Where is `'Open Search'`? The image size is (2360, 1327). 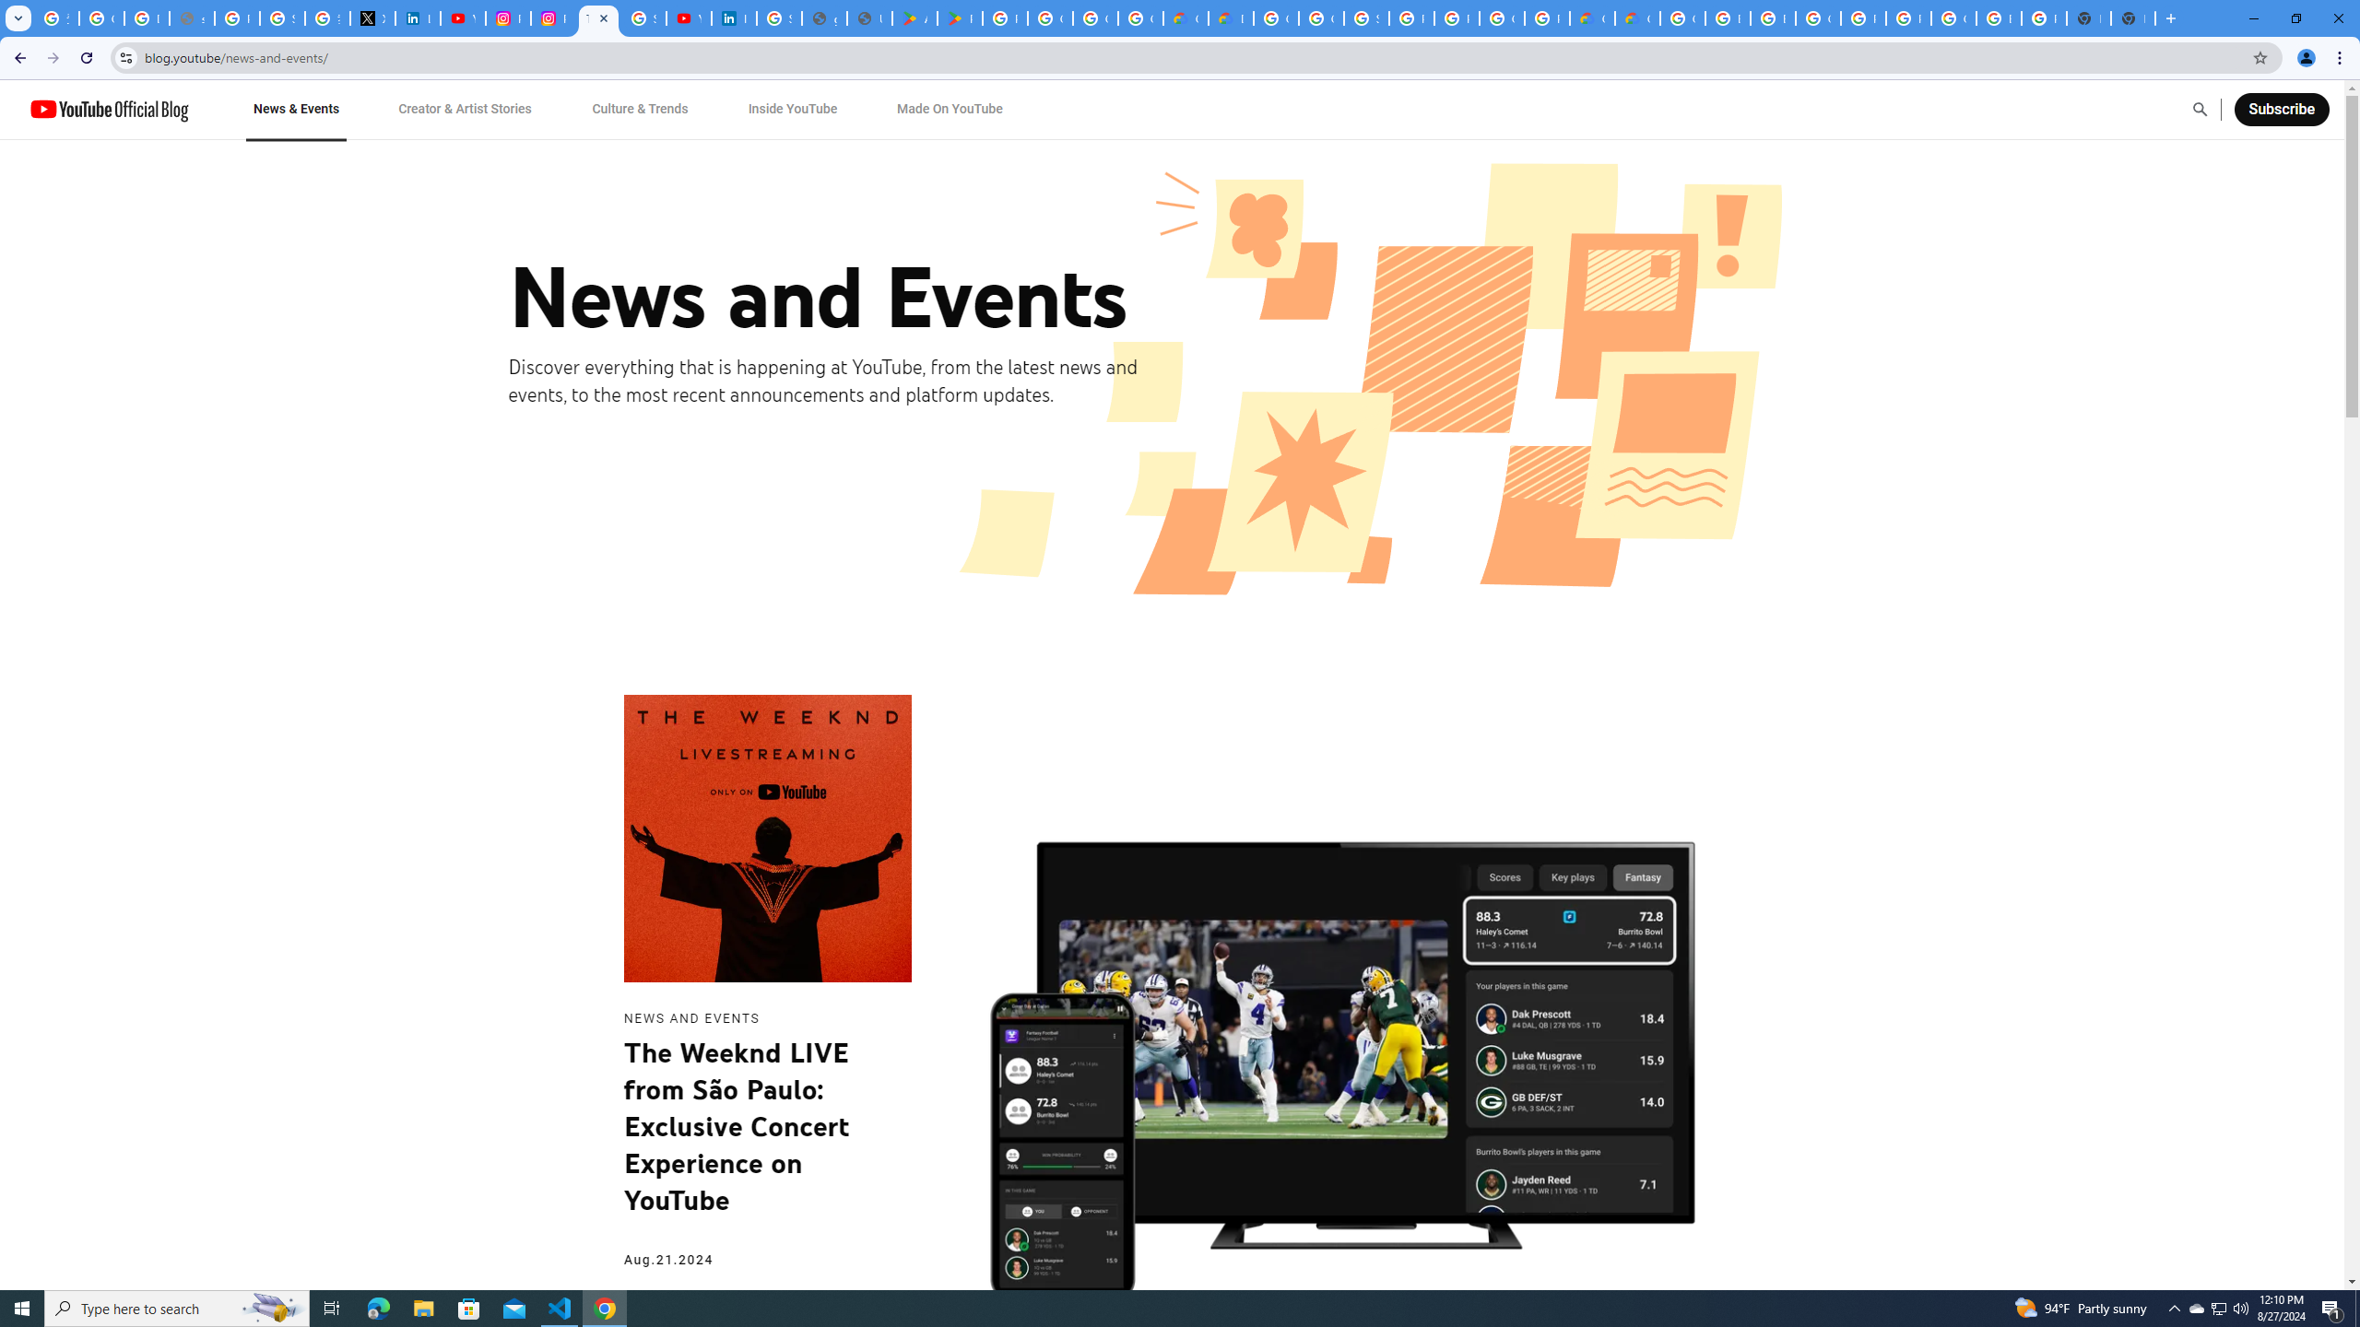
'Open Search' is located at coordinates (2200, 109).